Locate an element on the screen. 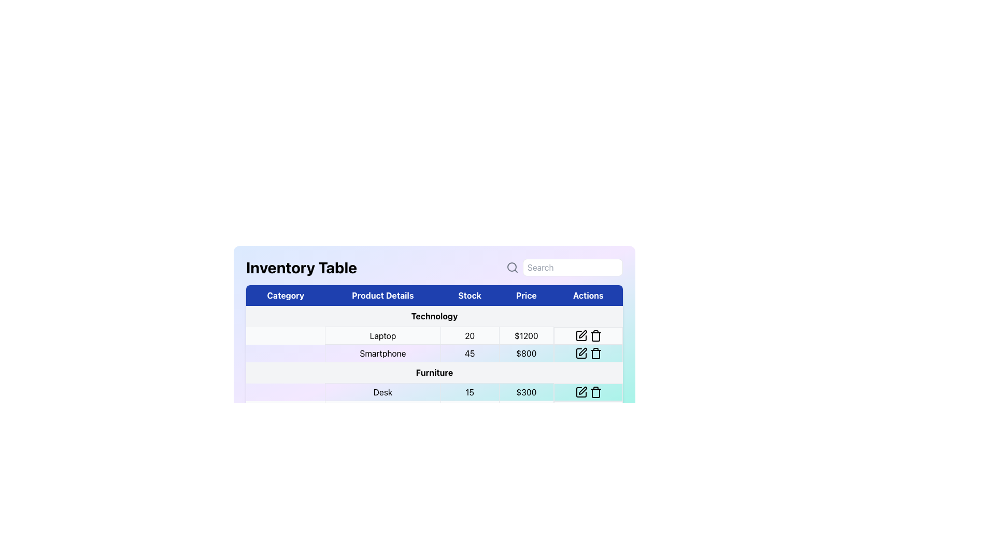 This screenshot has height=559, width=995. text displayed in the TextLabel that identifies the product as 'Laptop', located in the second column of the second row of the 'Product Details' section in the 'Inventory Table' is located at coordinates (382, 335).